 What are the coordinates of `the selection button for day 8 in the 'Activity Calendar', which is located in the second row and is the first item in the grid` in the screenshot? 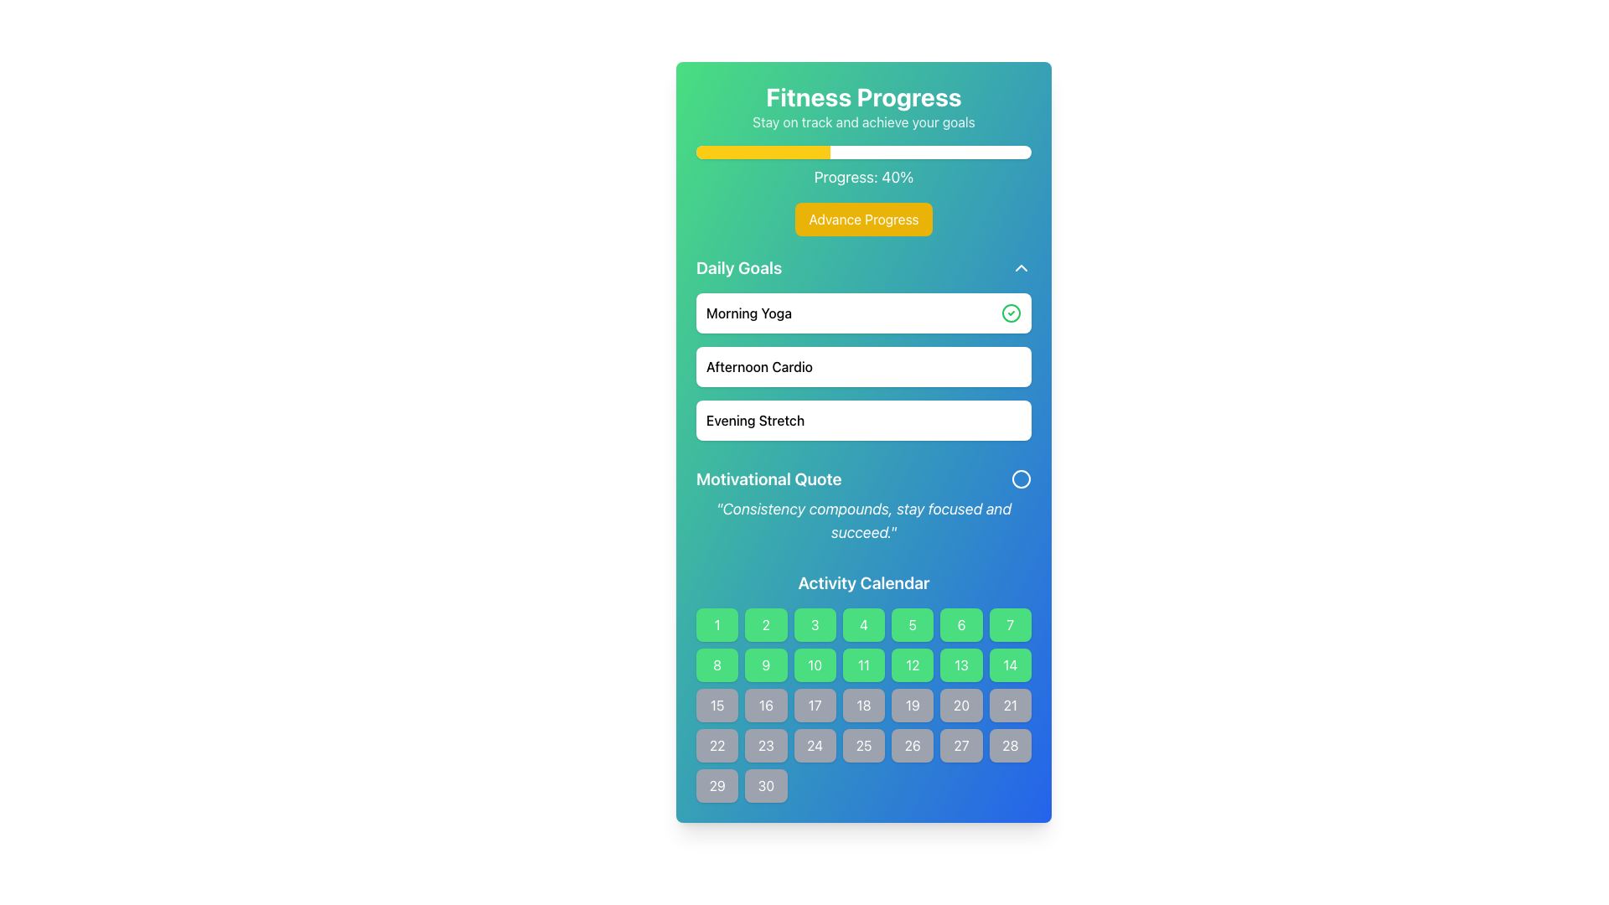 It's located at (717, 665).